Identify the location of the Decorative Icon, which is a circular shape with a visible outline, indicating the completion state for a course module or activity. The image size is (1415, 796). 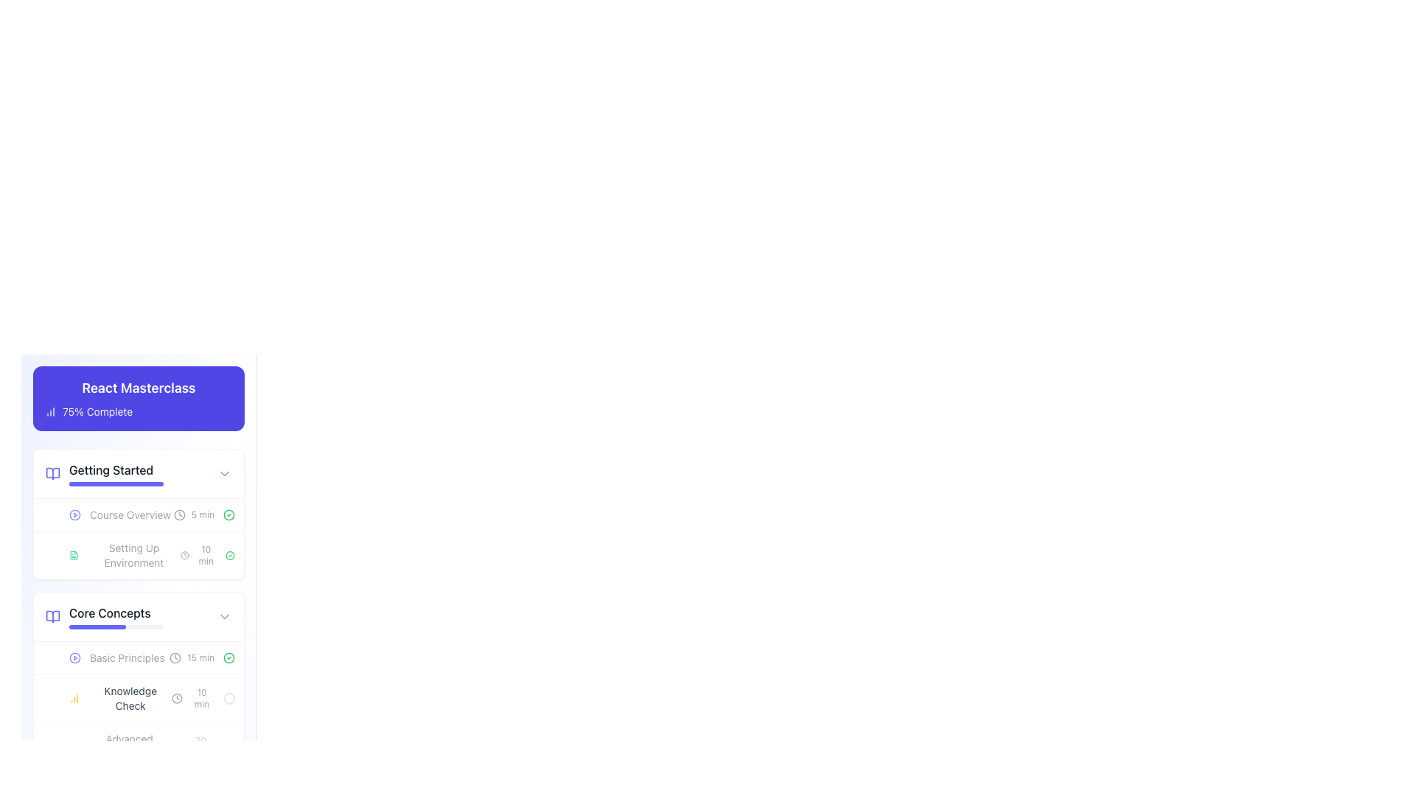
(228, 657).